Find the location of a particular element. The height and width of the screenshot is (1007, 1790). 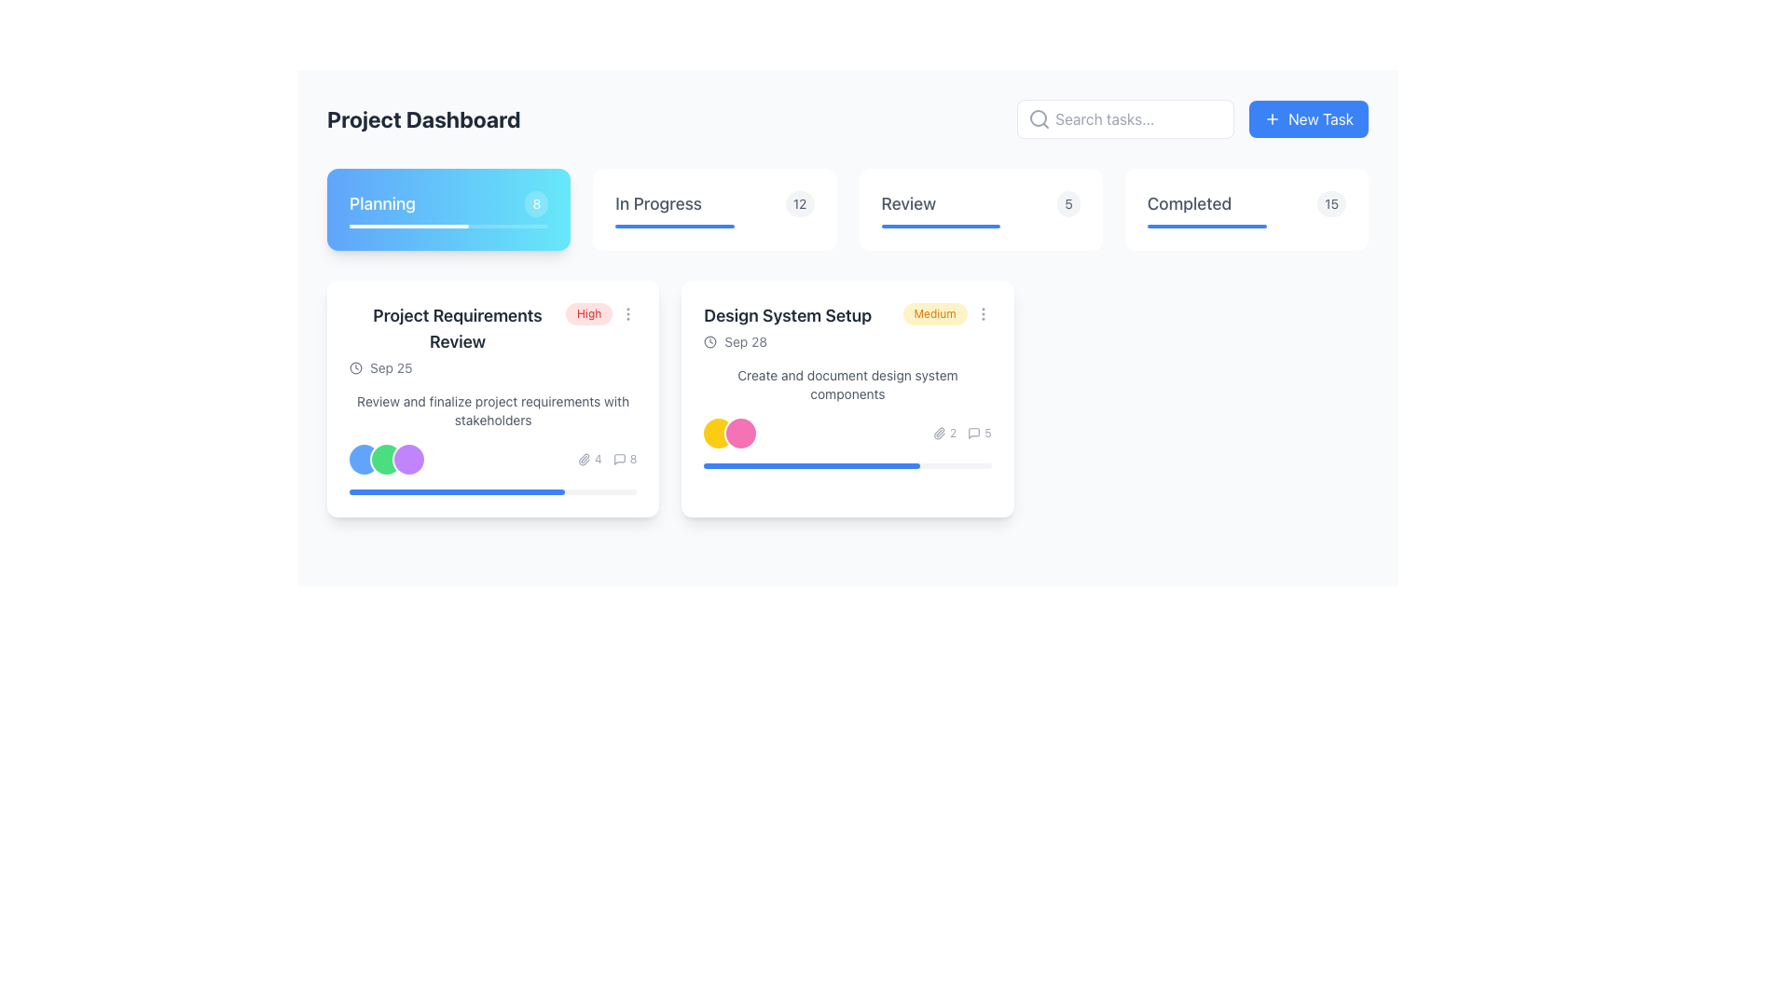

displayed text of the date label indicating 'Sep 25' located in the top-left area of the task card titled 'Project Requirements Review' is located at coordinates (390, 367).